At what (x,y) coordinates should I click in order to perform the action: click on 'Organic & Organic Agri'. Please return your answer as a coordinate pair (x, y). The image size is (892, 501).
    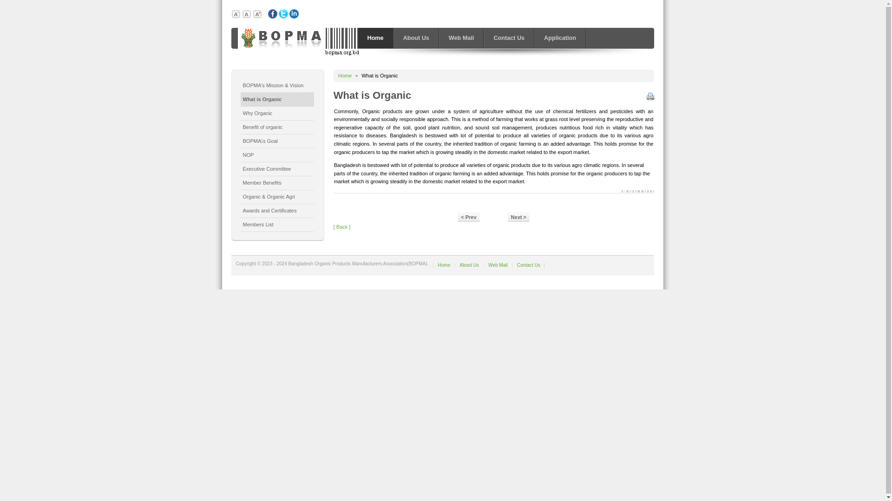
    Looking at the image, I should click on (277, 196).